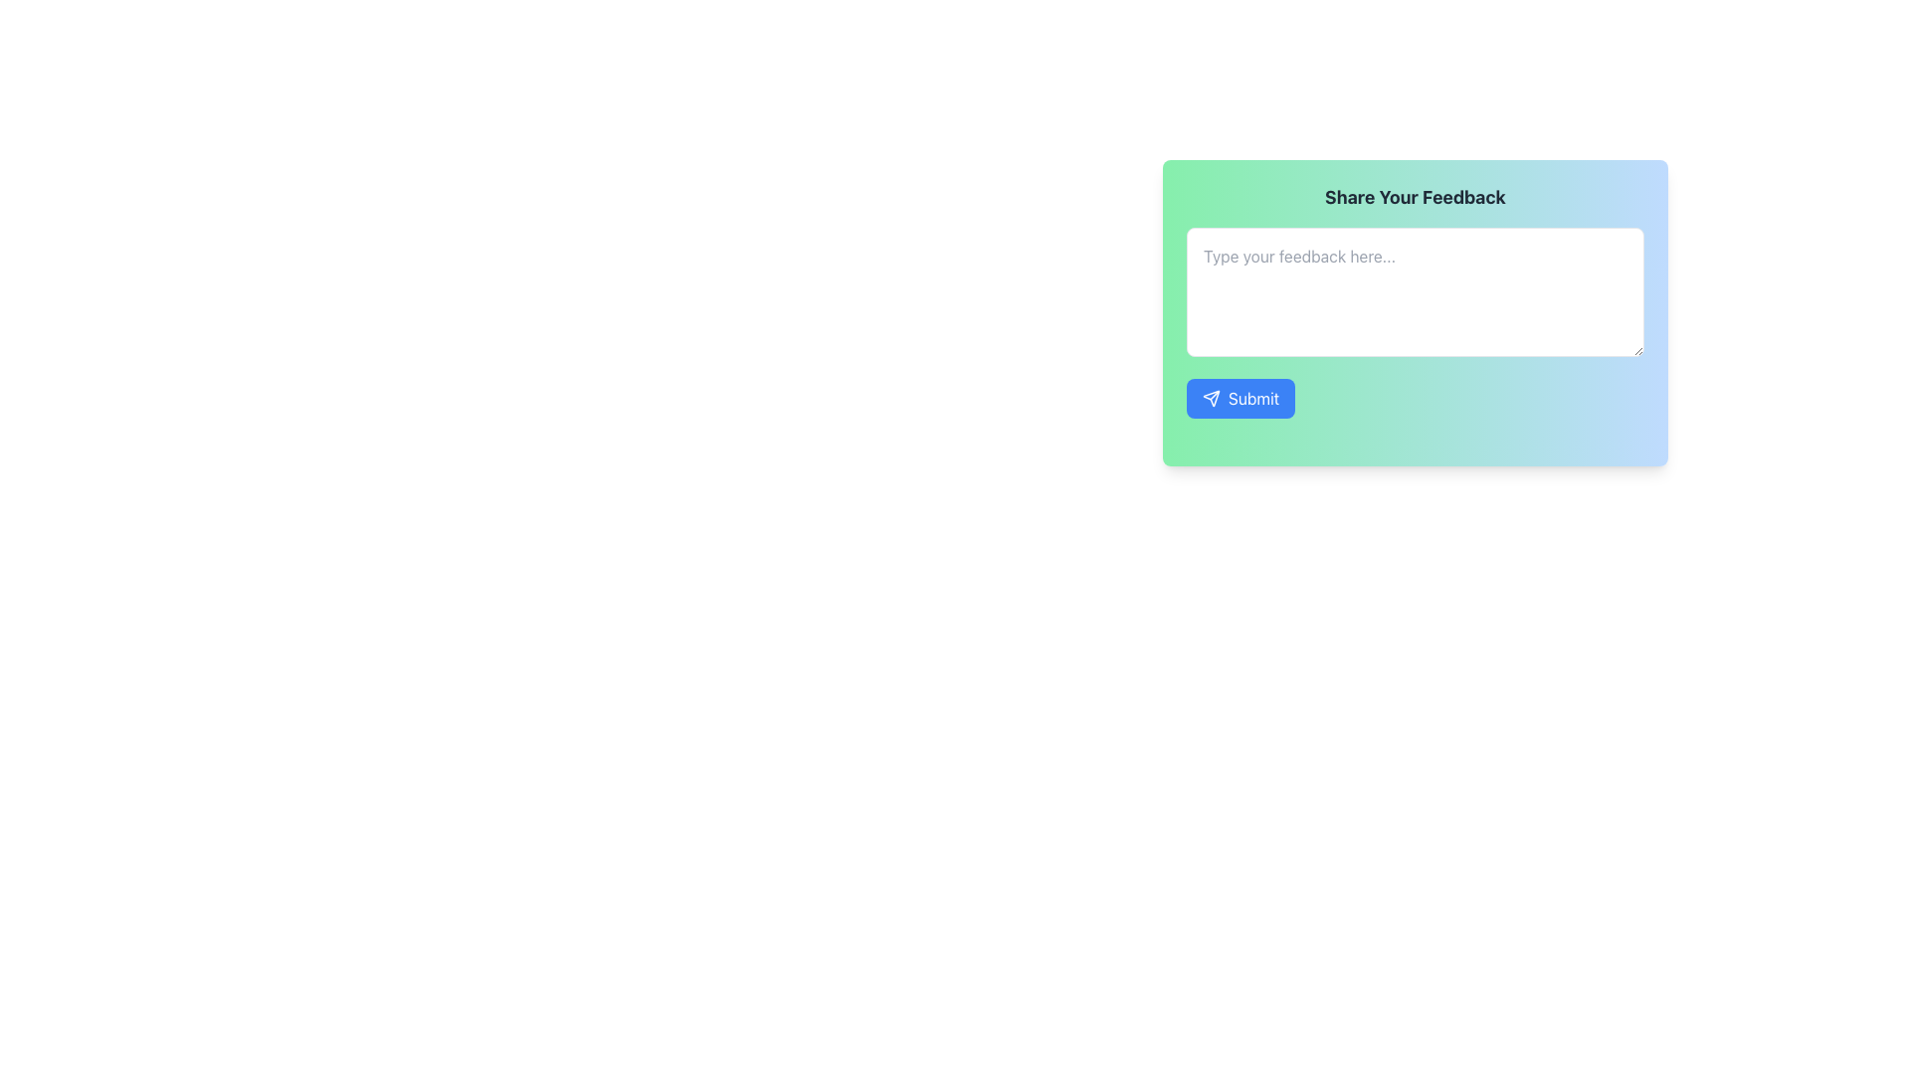  What do you see at coordinates (1211, 399) in the screenshot?
I see `the paper plane icon embedded within the blue 'Submit' button located at the bottom-left corner of the feedback submission card` at bounding box center [1211, 399].